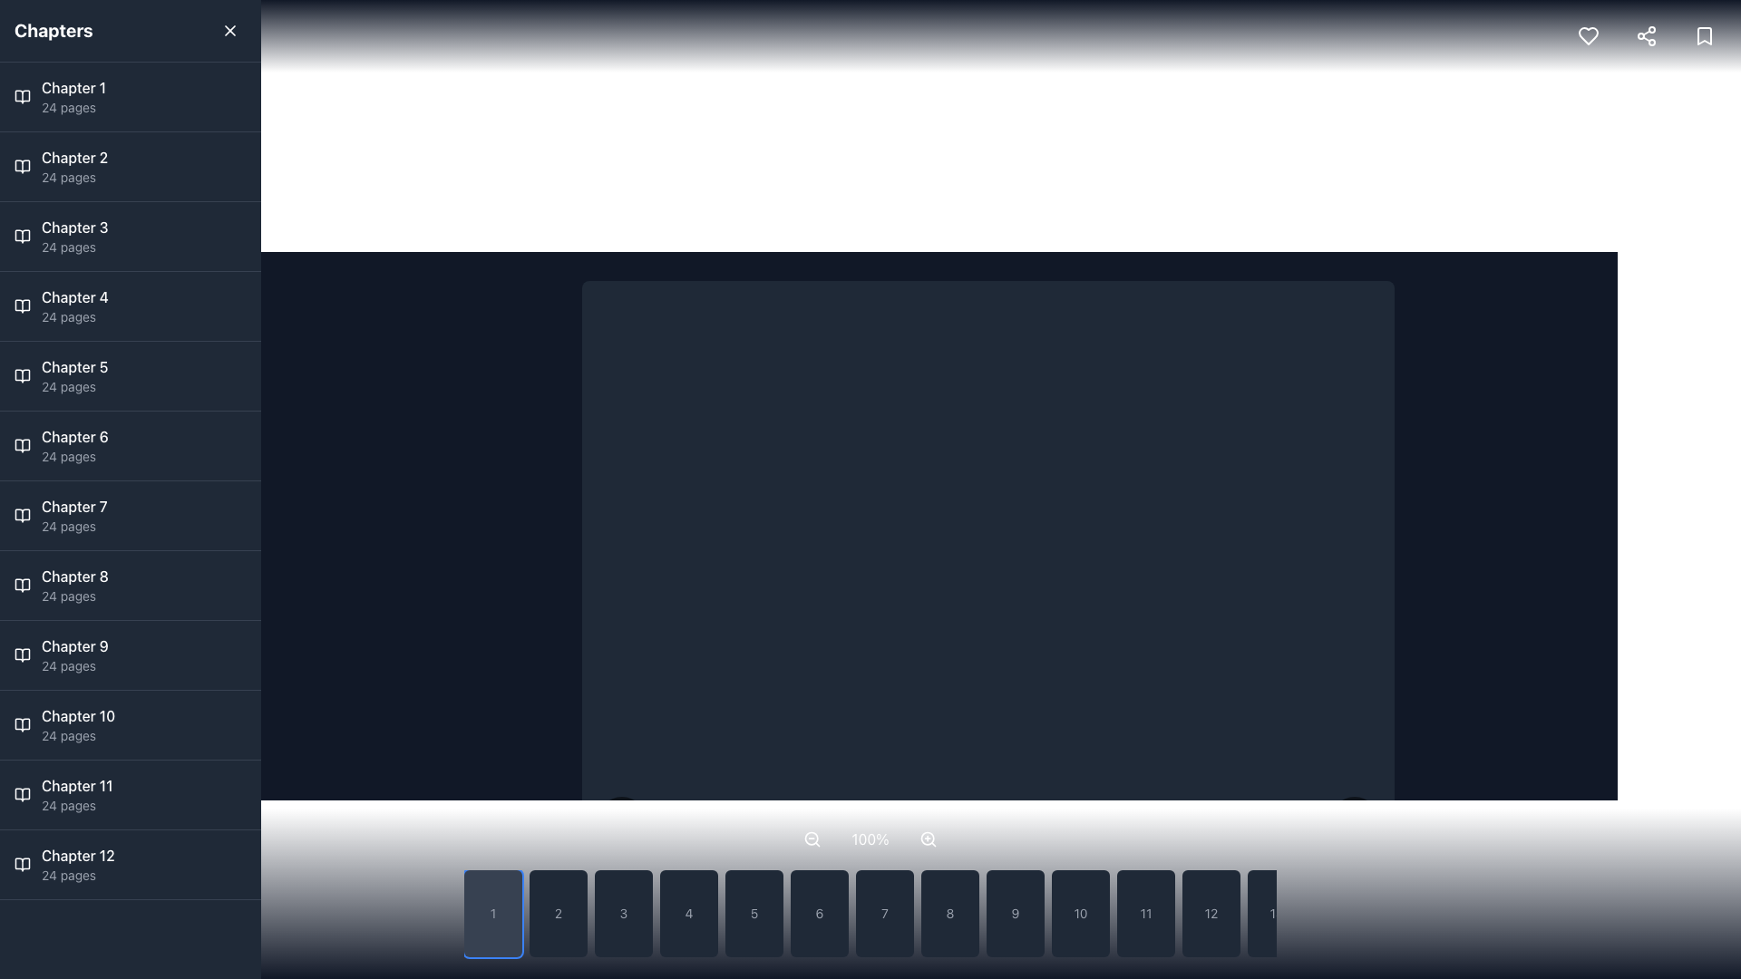 The image size is (1741, 979). What do you see at coordinates (22, 167) in the screenshot?
I see `the open book icon located next to 'Chapter 2' and '24 pages' in the Chapters list` at bounding box center [22, 167].